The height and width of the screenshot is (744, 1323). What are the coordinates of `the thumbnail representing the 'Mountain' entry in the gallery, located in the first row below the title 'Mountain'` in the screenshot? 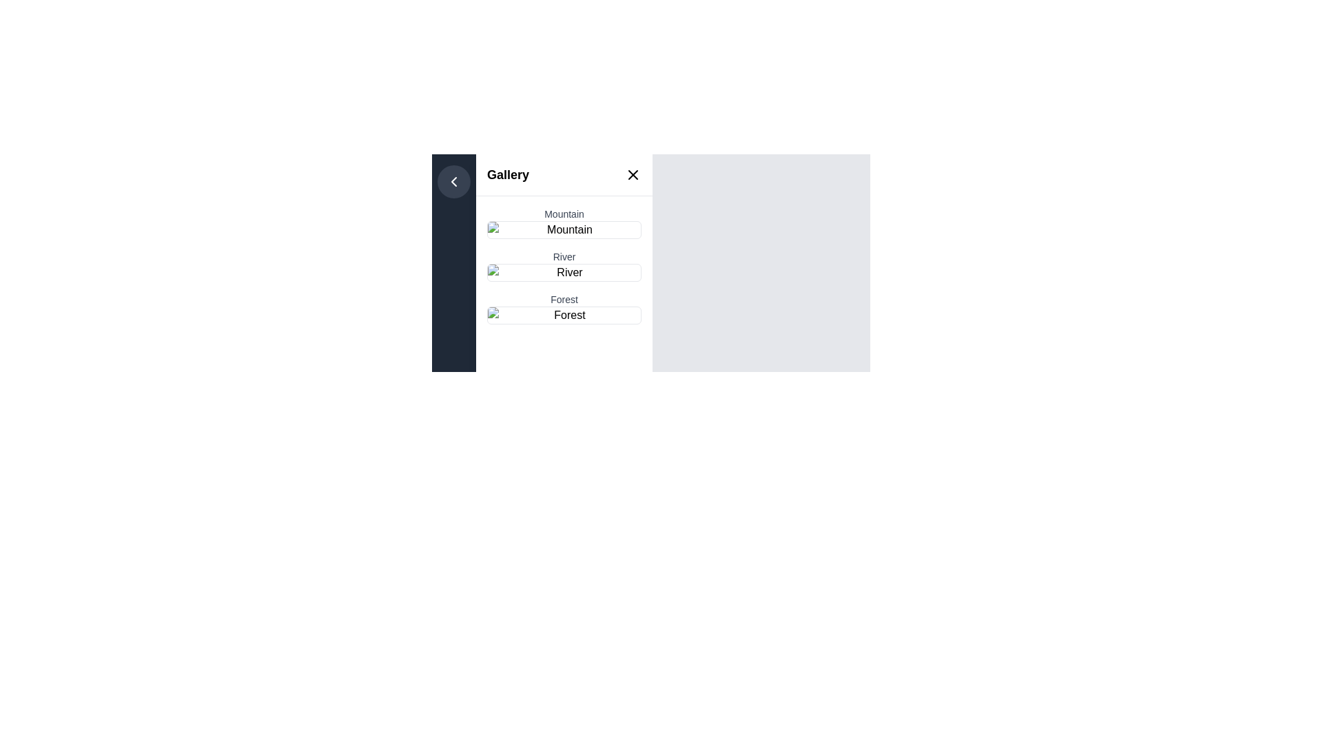 It's located at (564, 229).